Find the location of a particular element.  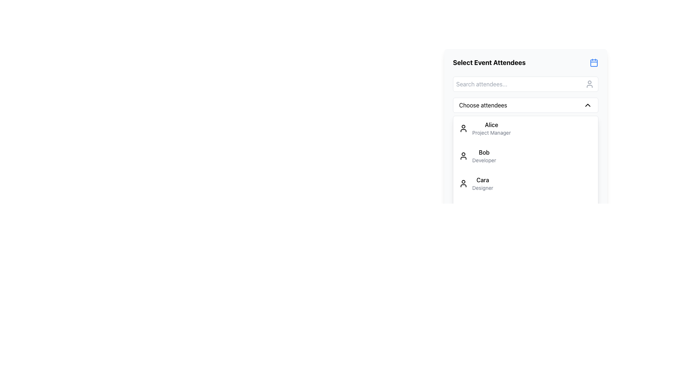

the text label displaying the name and role of the third individual in the 'Select Event Attendees' list is located at coordinates (482, 183).